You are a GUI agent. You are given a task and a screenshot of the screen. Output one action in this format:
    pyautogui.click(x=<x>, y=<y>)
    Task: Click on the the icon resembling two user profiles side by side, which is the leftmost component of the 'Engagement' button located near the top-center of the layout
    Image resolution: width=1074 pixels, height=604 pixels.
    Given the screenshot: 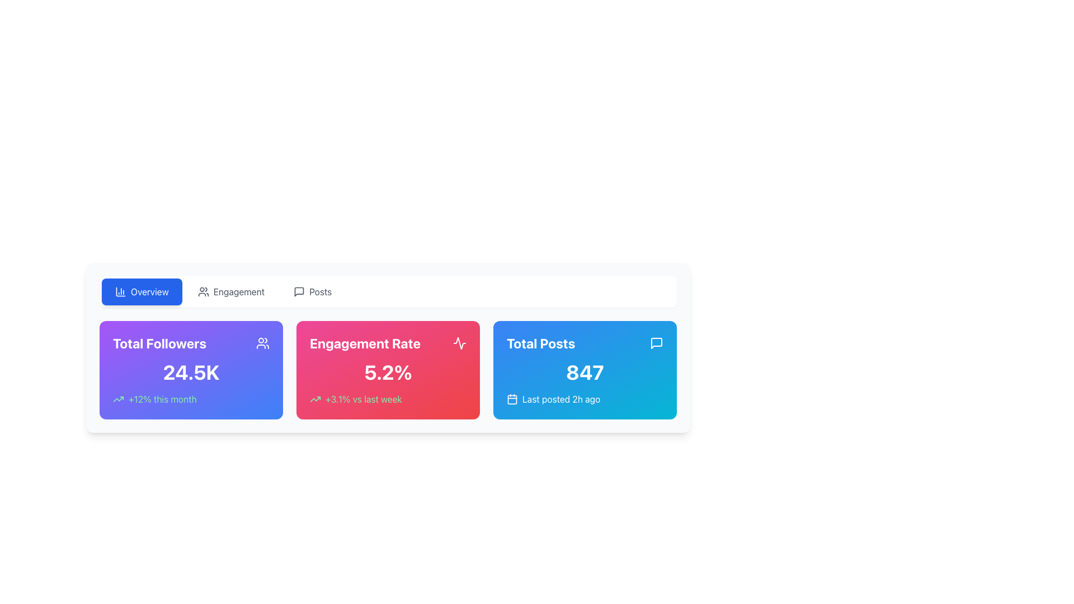 What is the action you would take?
    pyautogui.click(x=203, y=291)
    